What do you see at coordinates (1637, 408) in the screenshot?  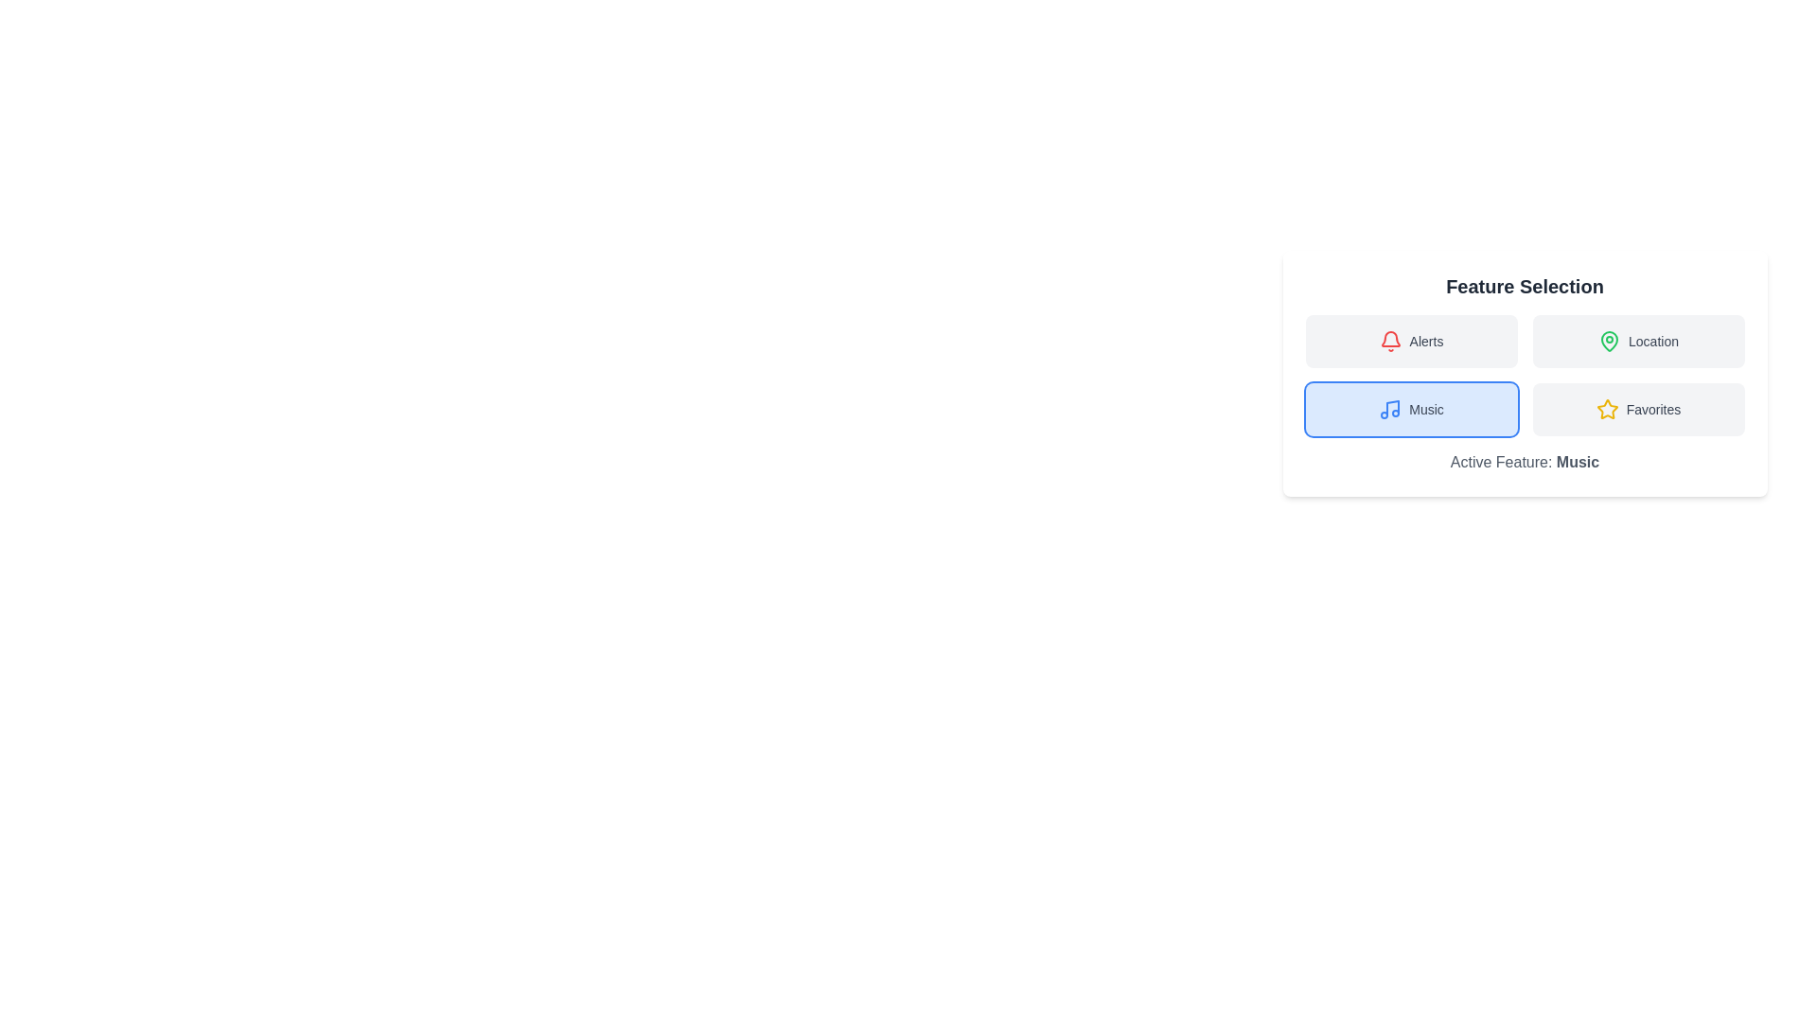 I see `the button corresponding to the feature Favorites` at bounding box center [1637, 408].